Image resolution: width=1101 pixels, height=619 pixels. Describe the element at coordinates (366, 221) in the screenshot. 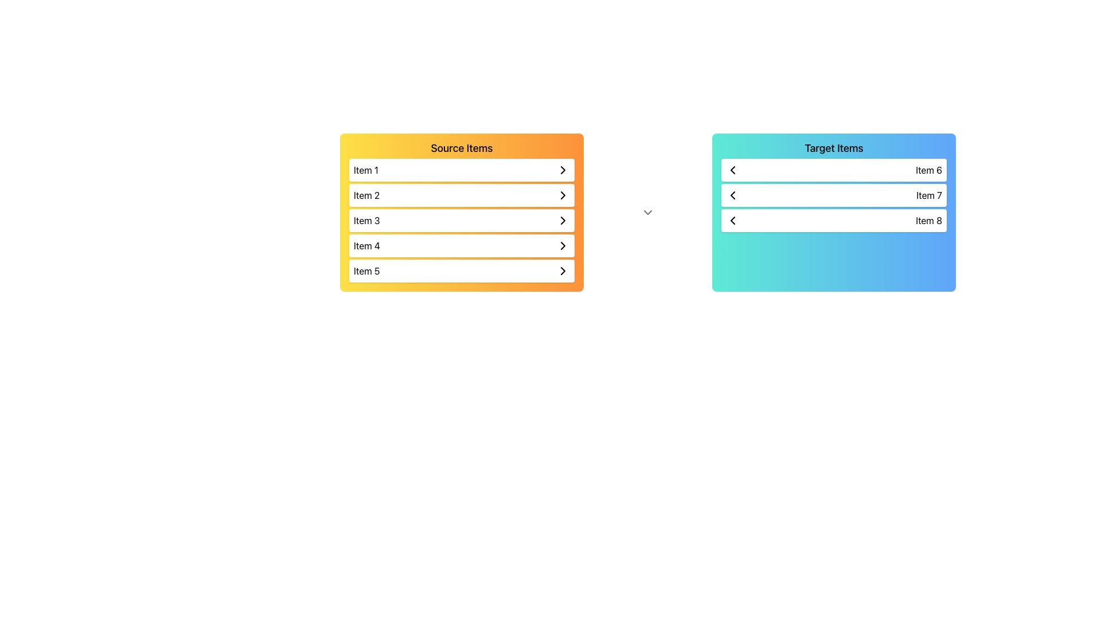

I see `text of the 'Item 3' Text label element located in the third row of the 'Source Items' box, aligned to the left` at that location.